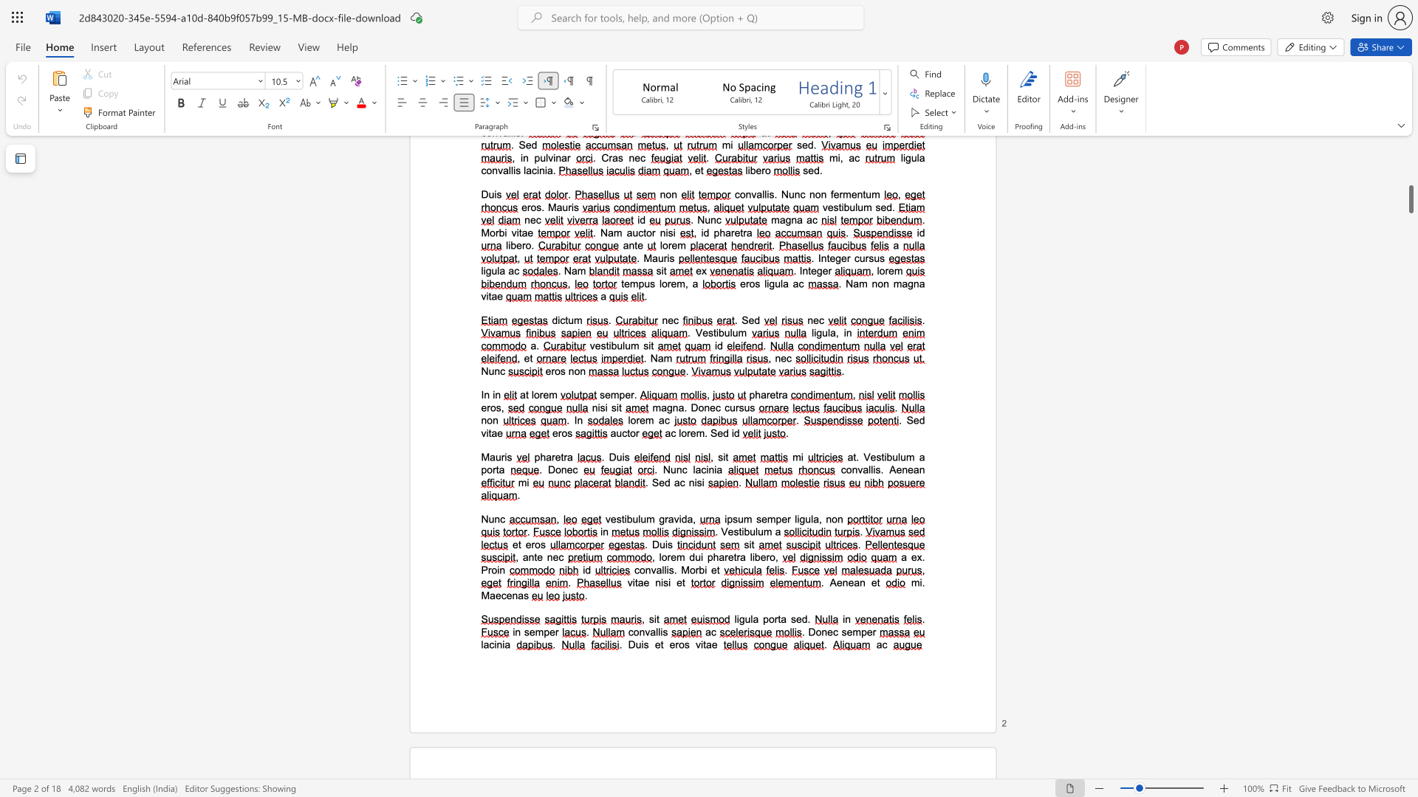  Describe the element at coordinates (557, 456) in the screenshot. I see `the 1th character "e" in the text` at that location.